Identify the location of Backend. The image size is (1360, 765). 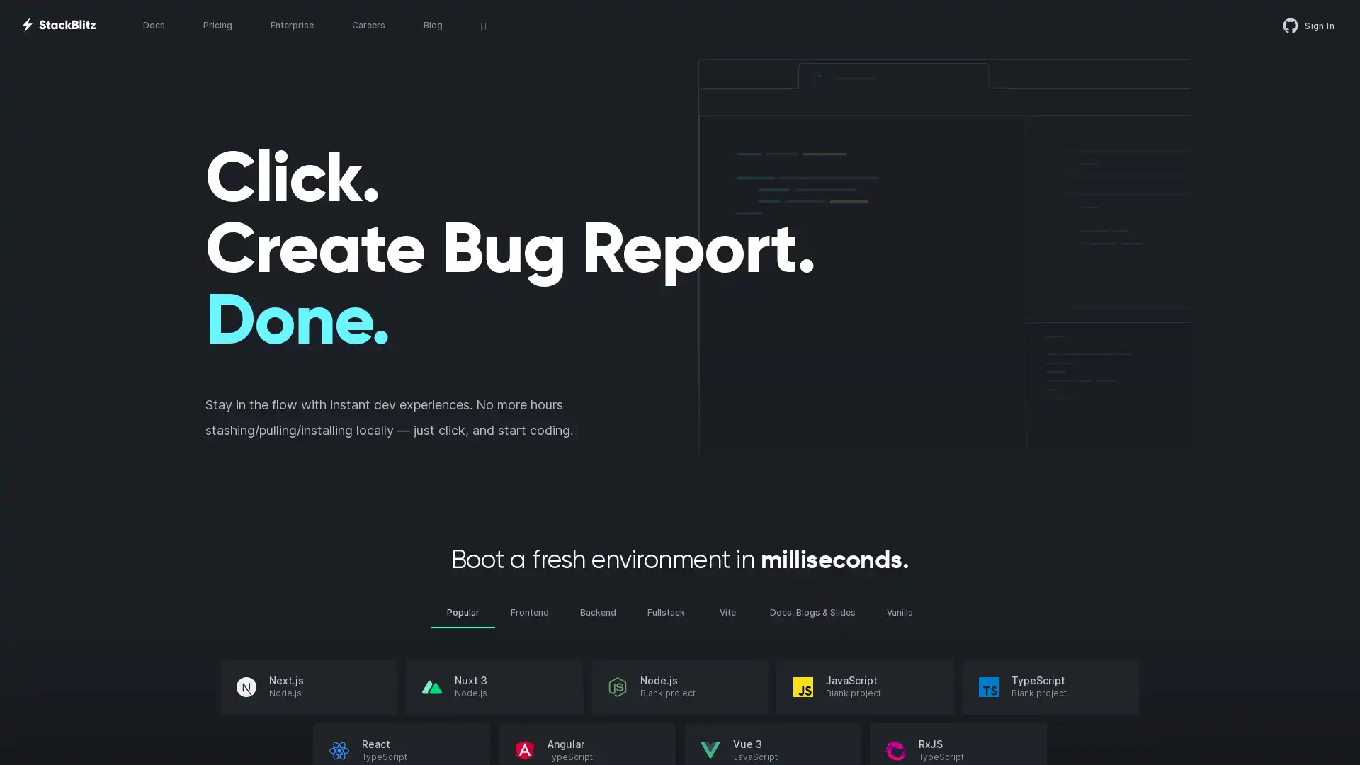
(598, 611).